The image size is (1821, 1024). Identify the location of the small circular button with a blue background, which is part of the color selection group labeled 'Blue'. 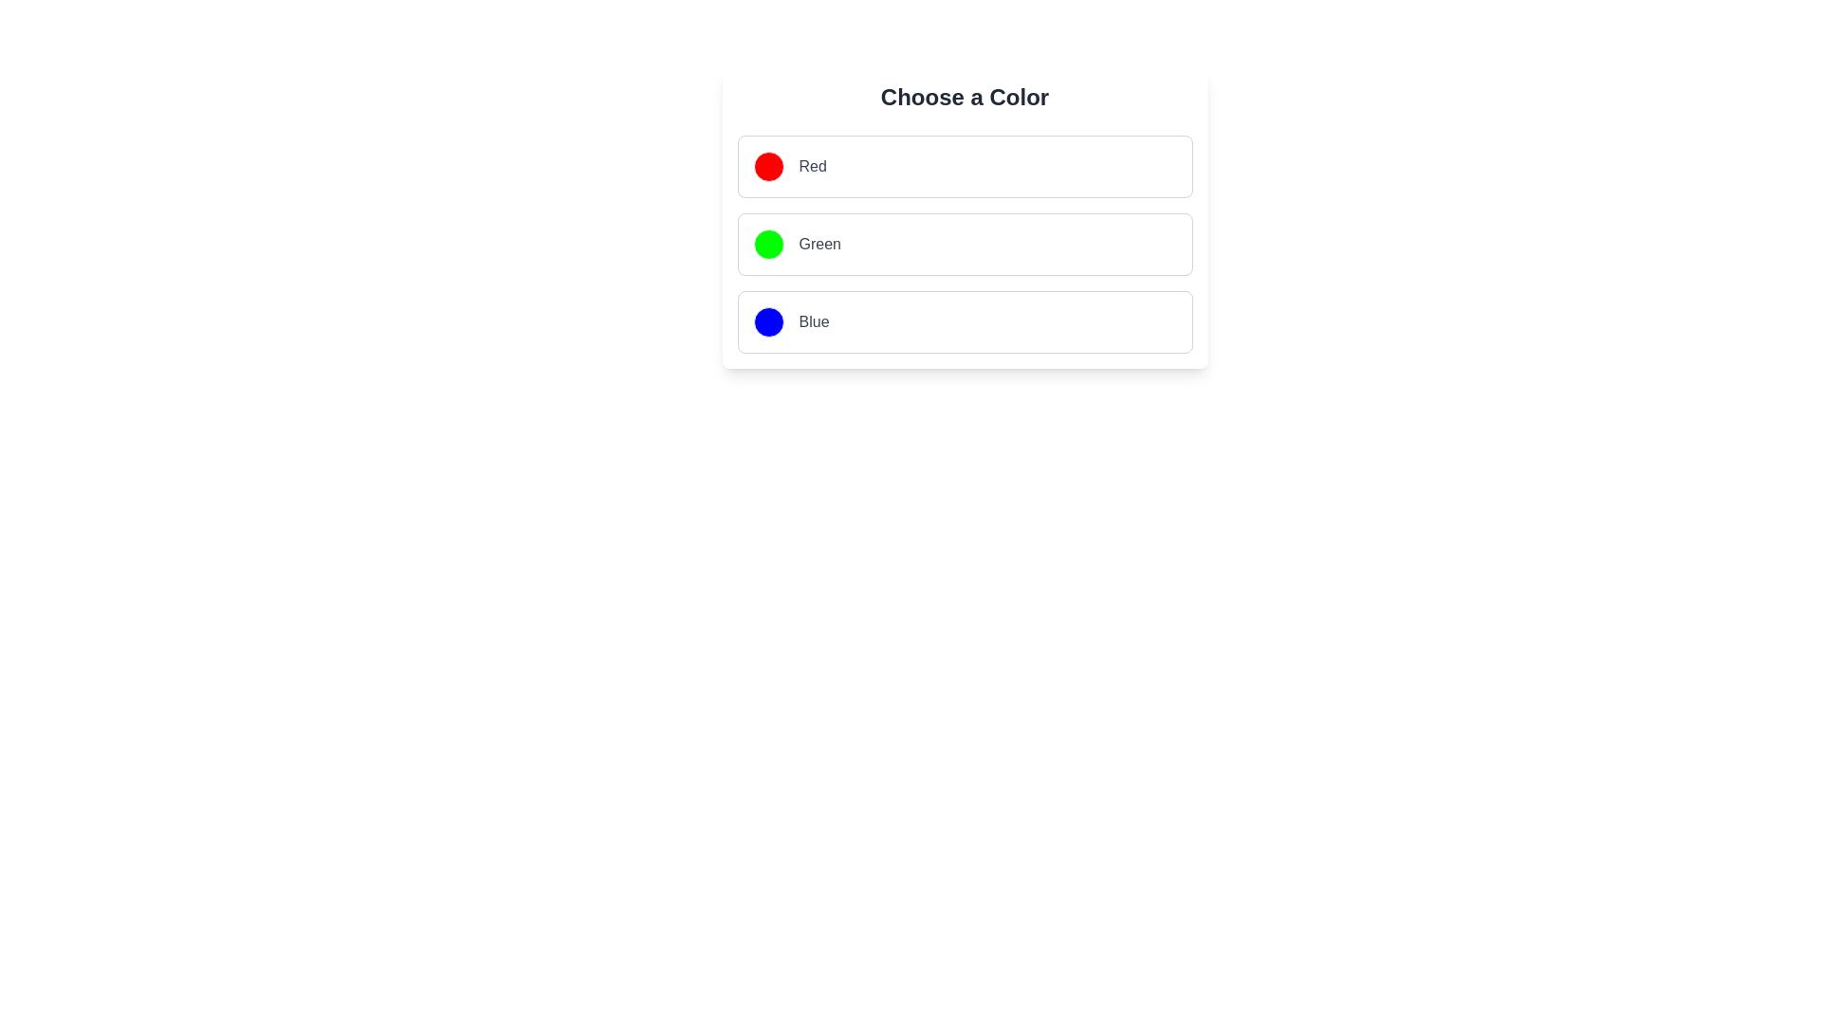
(768, 320).